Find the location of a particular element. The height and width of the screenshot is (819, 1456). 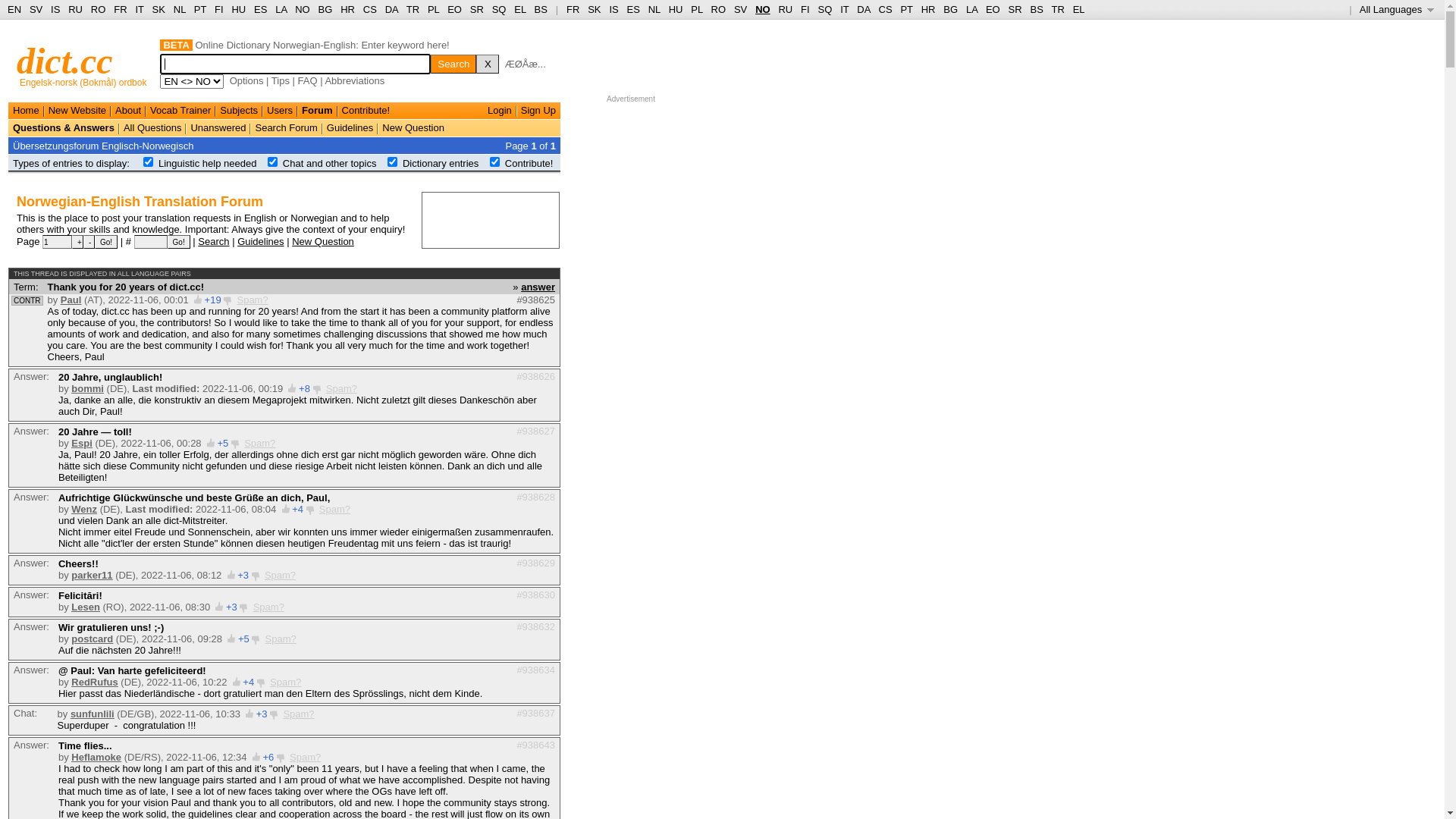

'#938632' is located at coordinates (535, 626).